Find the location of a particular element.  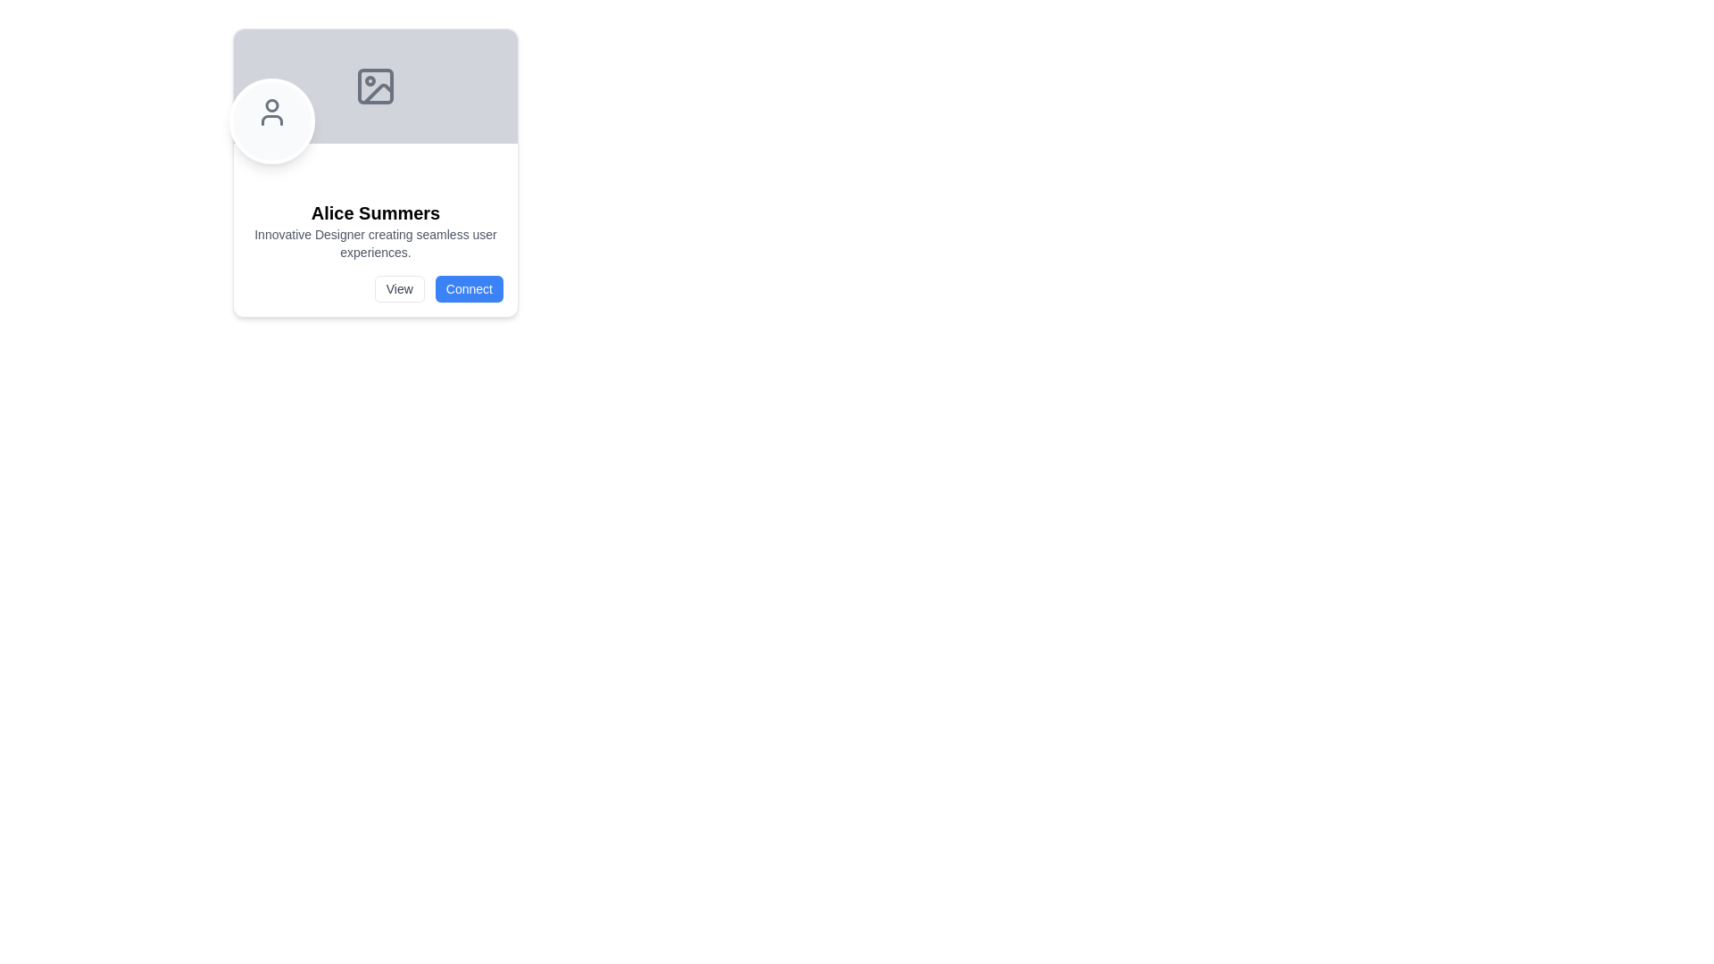

the user's profile icon located at the top-left corner of the card-like UI component, which serves as a primary profile illustration is located at coordinates (271, 112).